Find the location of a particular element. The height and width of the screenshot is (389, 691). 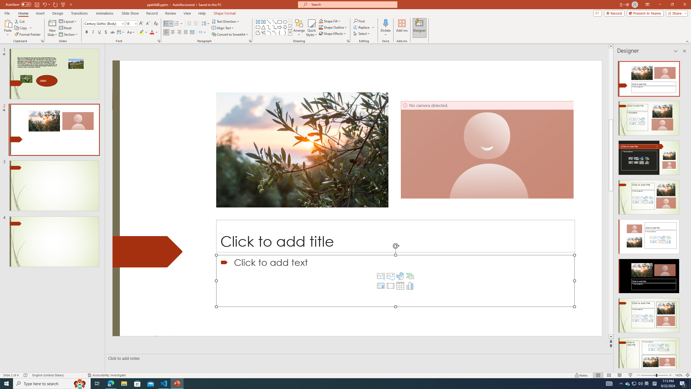

'Bold' is located at coordinates (87, 32).